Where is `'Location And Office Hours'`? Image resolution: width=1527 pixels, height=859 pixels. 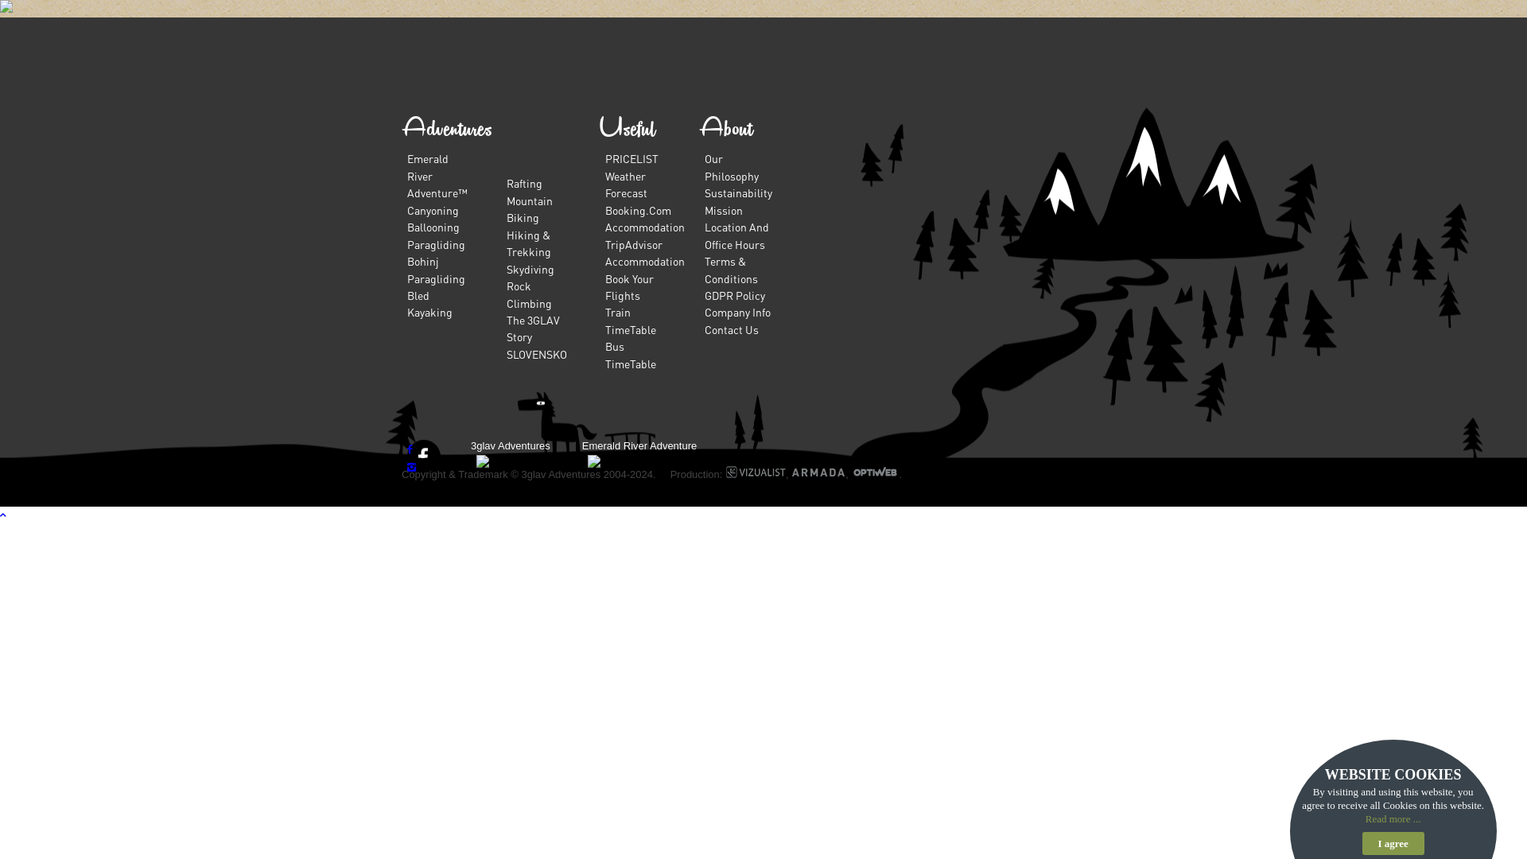
'Location And Office Hours' is located at coordinates (736, 235).